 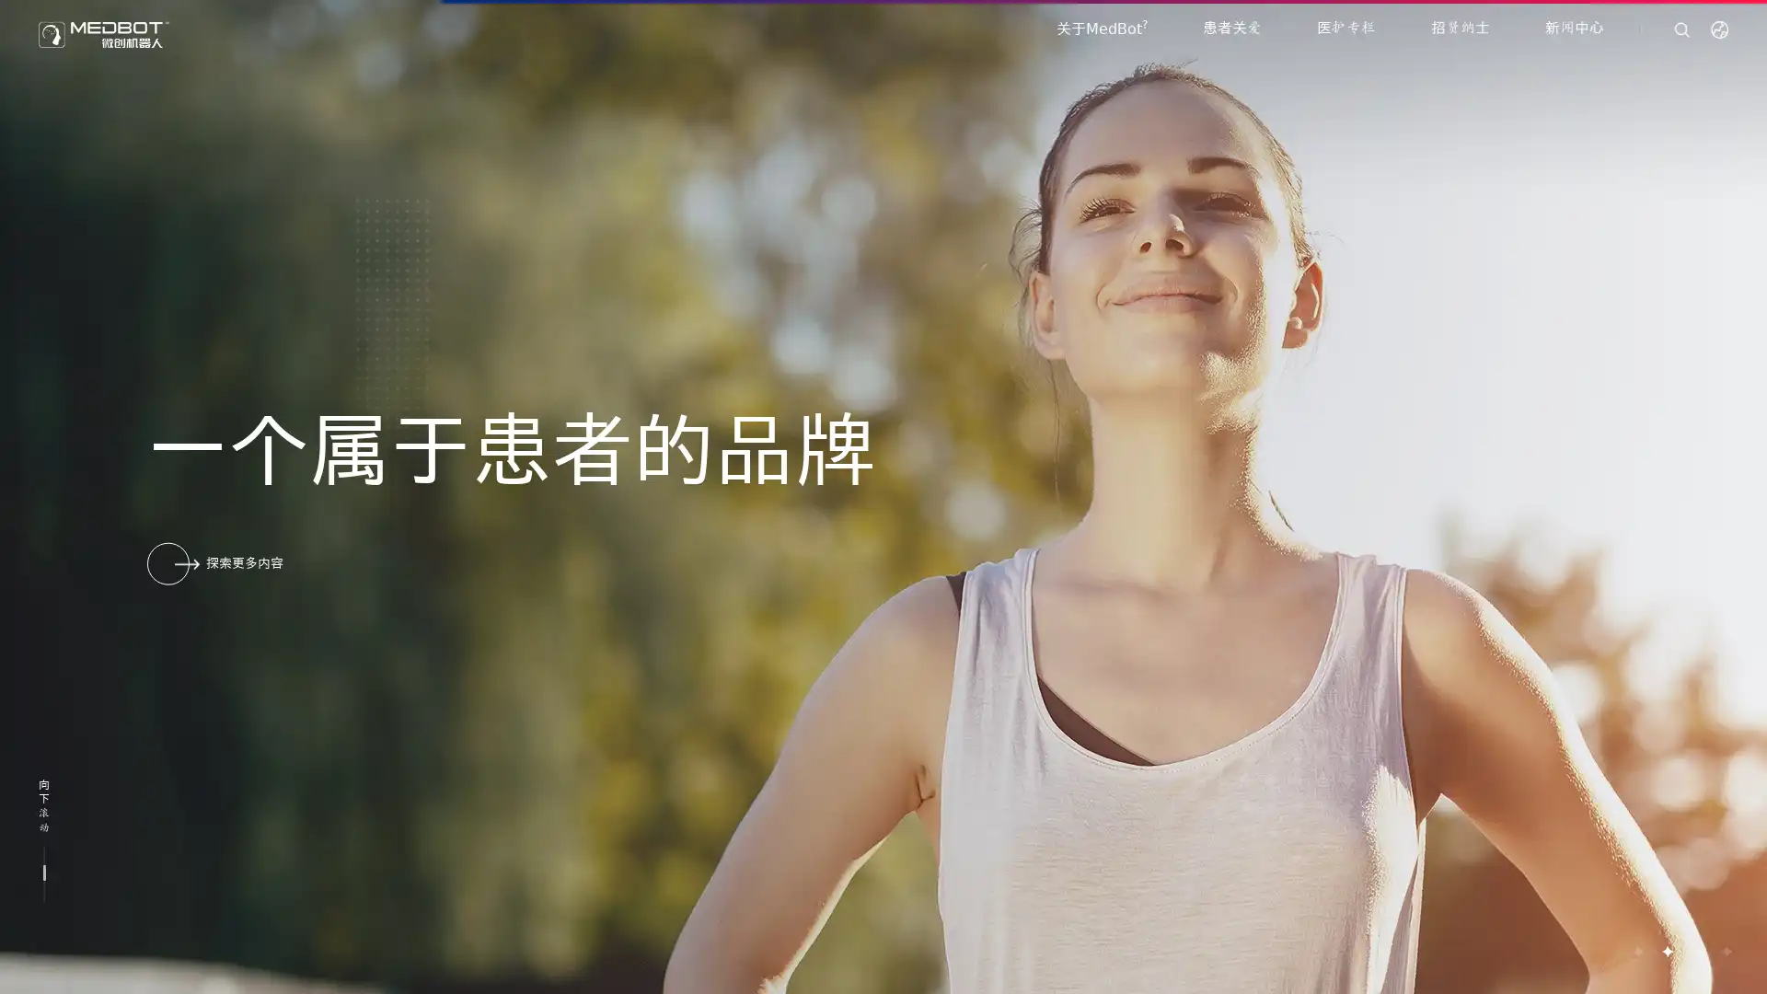 I want to click on Go to slide 3, so click(x=1695, y=951).